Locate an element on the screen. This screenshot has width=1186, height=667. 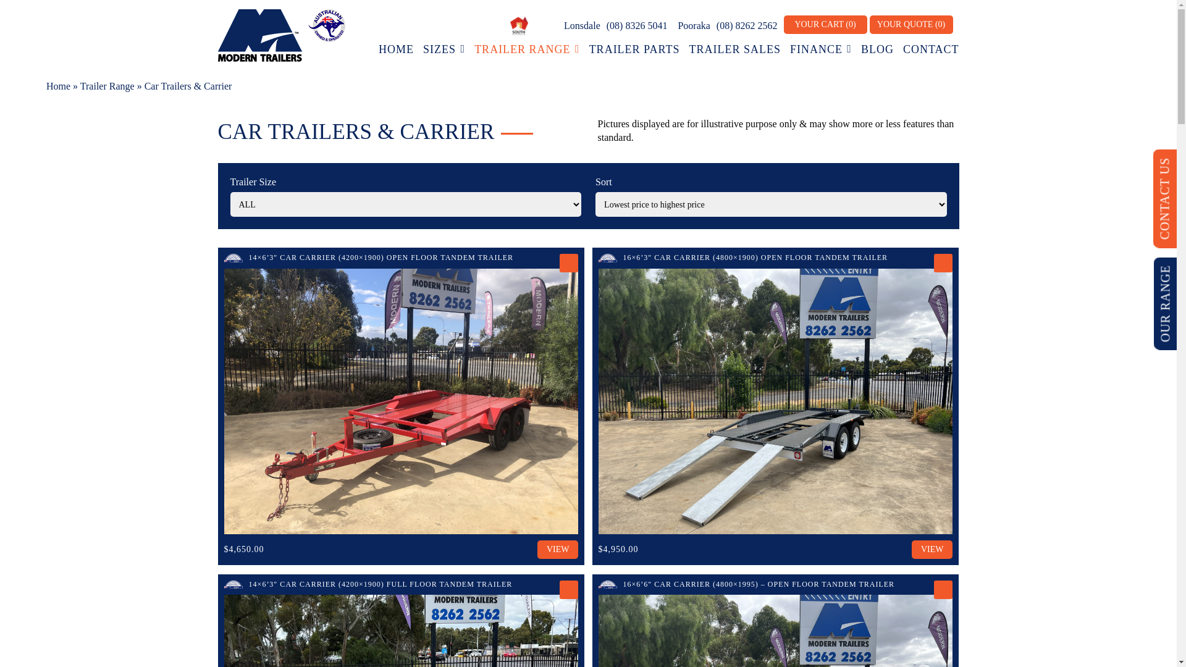
'SIZES' is located at coordinates (444, 49).